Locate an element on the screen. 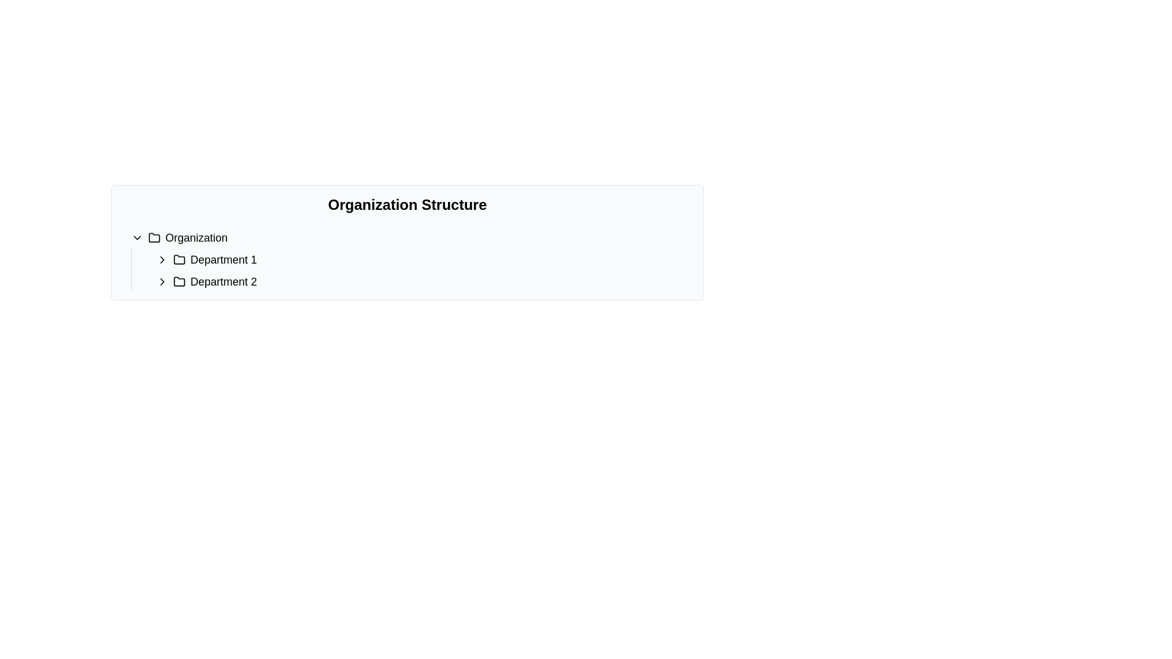 The height and width of the screenshot is (659, 1172). the static text label 'Department 1' which is styled with a larger font size and located next to a folder icon in the collapsible tree structure under the 'Organization' category is located at coordinates (223, 259).